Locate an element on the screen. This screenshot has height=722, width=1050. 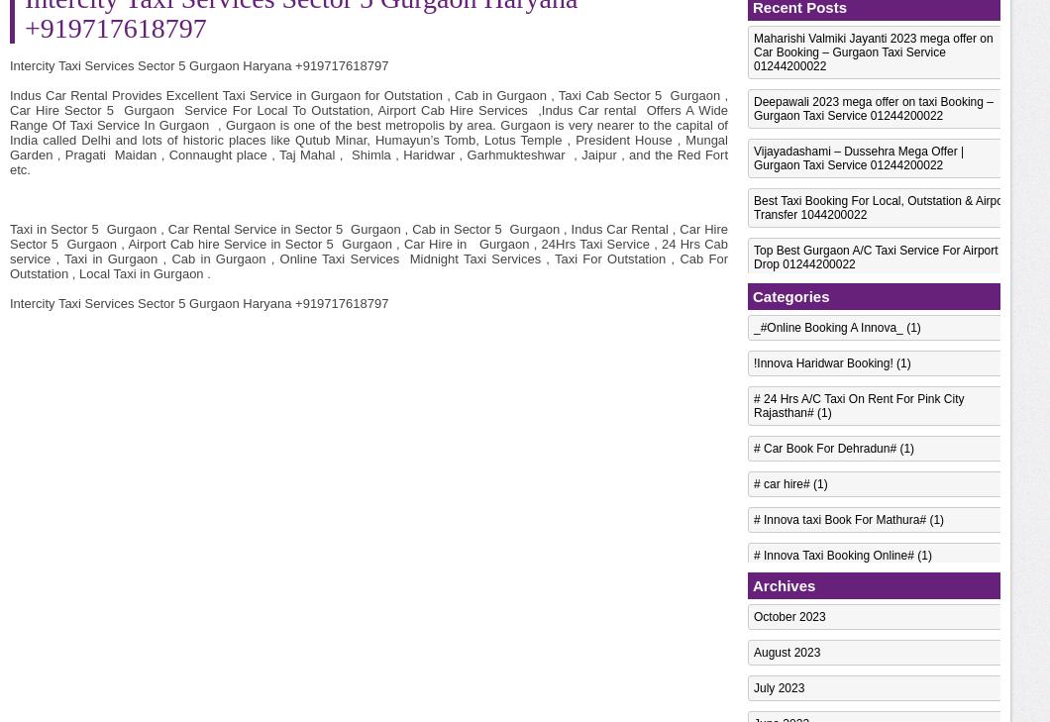
'Top Best Gurgaon A/C Taxi Service For Airport Drop 01244200022' is located at coordinates (876, 257).